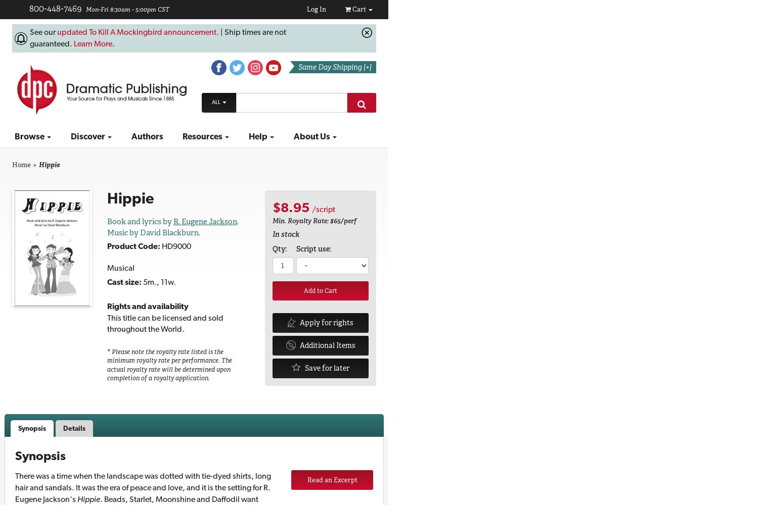 This screenshot has height=505, width=763. Describe the element at coordinates (298, 67) in the screenshot. I see `'Same Day Shipping [+]'` at that location.